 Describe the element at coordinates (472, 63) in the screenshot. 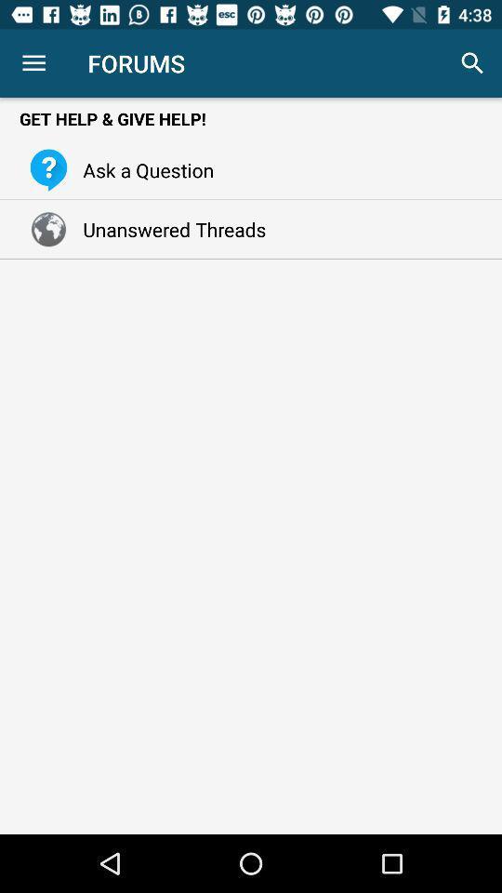

I see `the icon at the top right corner` at that location.